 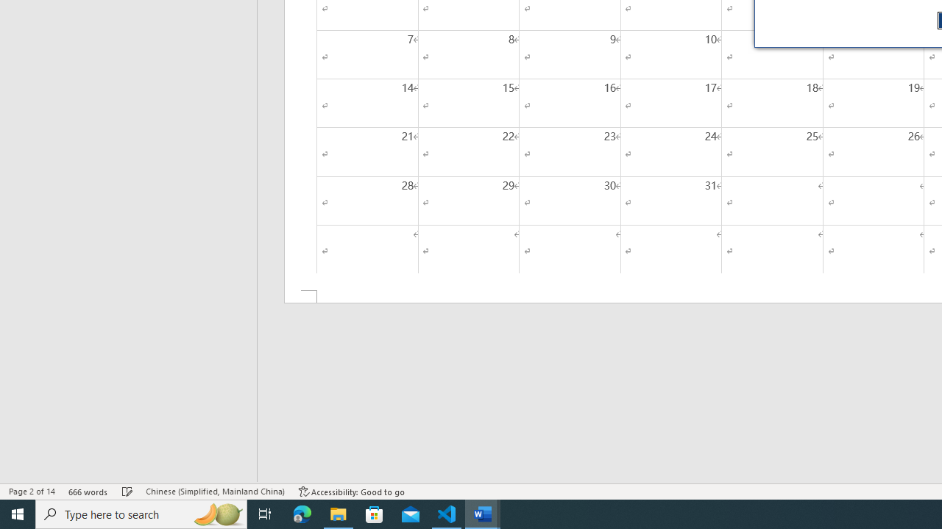 I want to click on 'Word - 2 running windows', so click(x=483, y=513).